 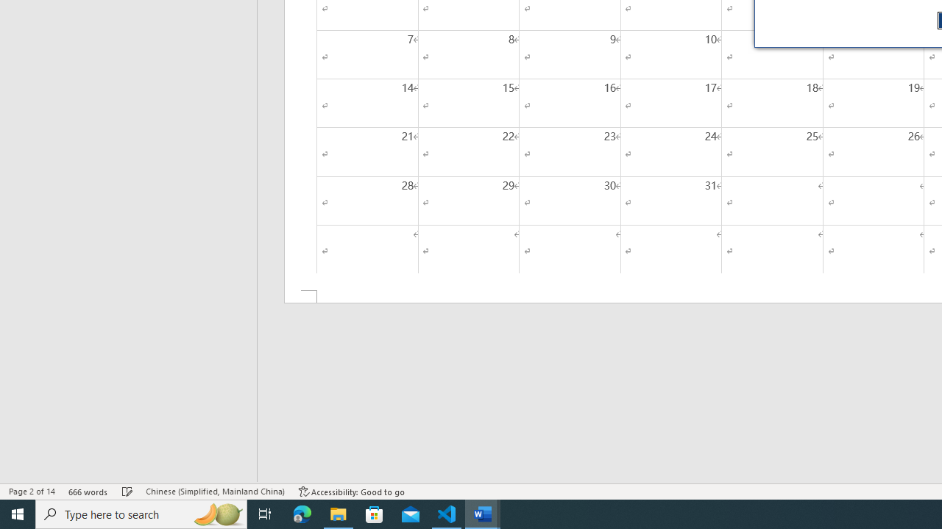 I want to click on 'Word - 2 running windows', so click(x=483, y=513).